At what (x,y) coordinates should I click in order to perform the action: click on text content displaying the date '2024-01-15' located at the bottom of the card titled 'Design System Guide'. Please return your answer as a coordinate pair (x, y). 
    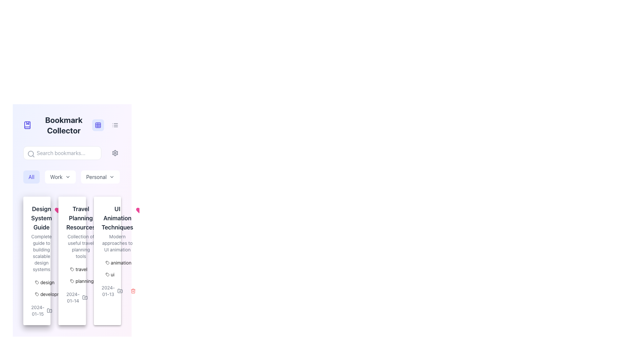
    Looking at the image, I should click on (36, 310).